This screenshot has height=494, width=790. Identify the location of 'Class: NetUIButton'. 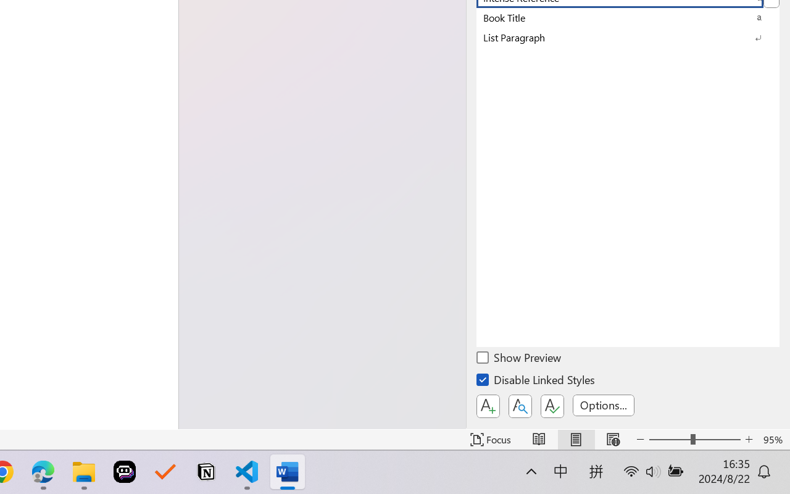
(551, 406).